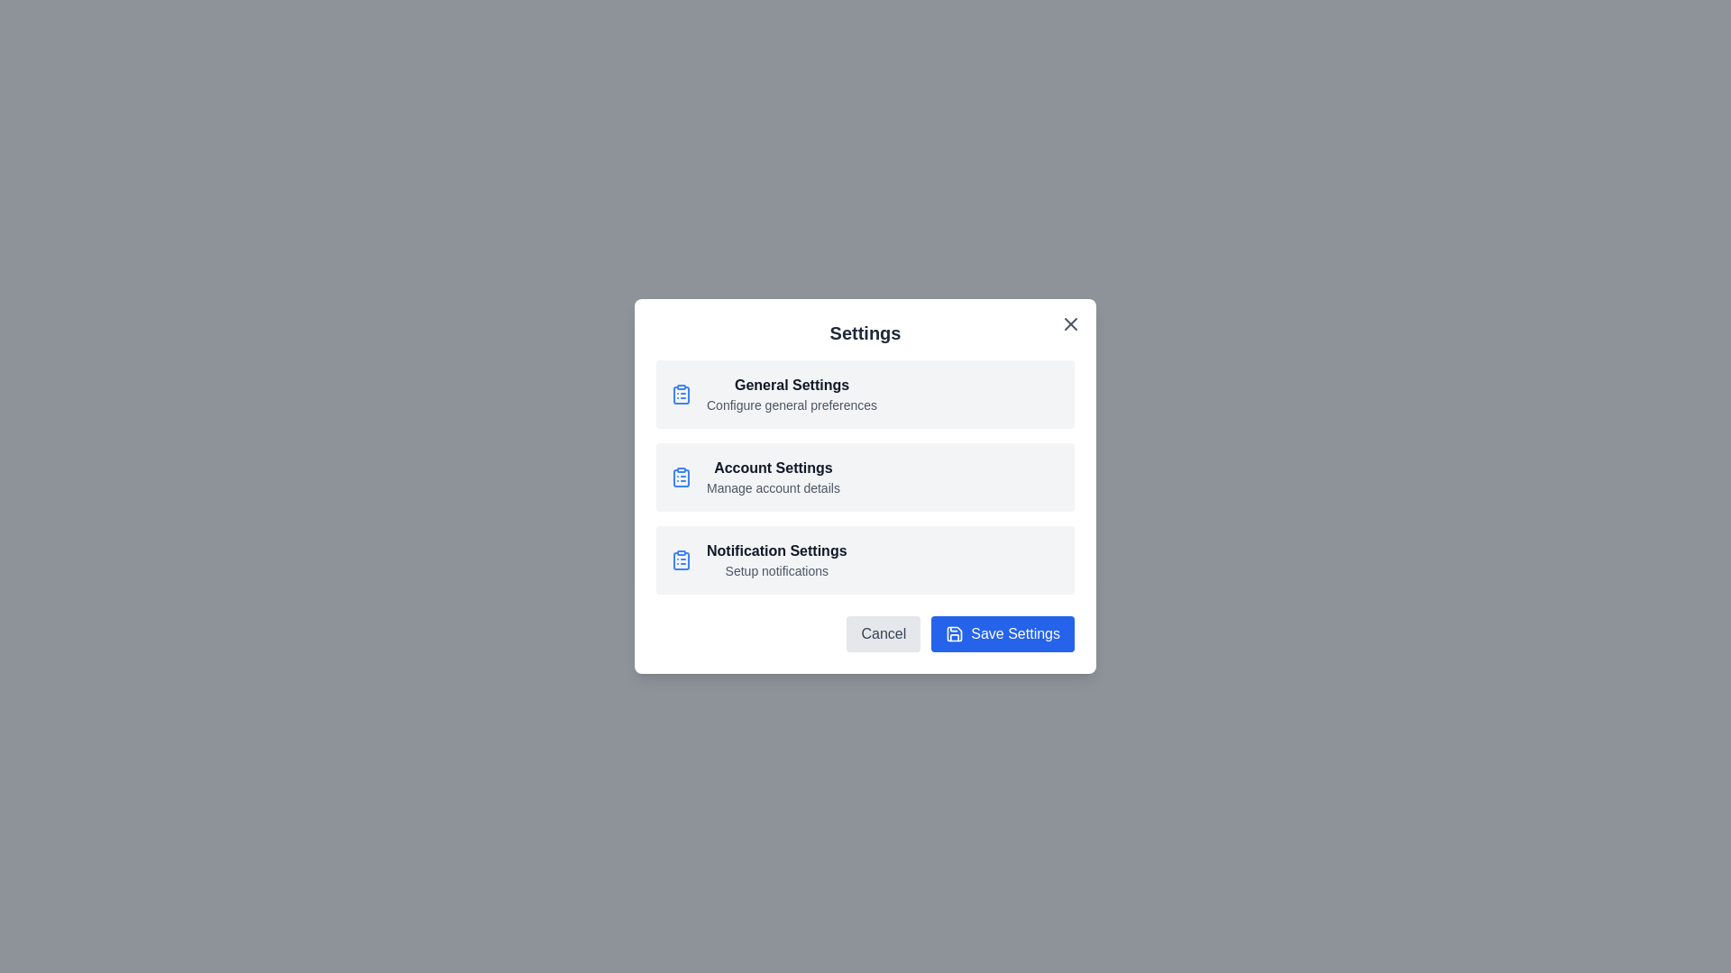 Image resolution: width=1731 pixels, height=973 pixels. Describe the element at coordinates (1071, 323) in the screenshot. I see `the close (X) button located at the top-right corner of the 'Settings' modal dialog by clicking on its SVG graphic representation` at that location.